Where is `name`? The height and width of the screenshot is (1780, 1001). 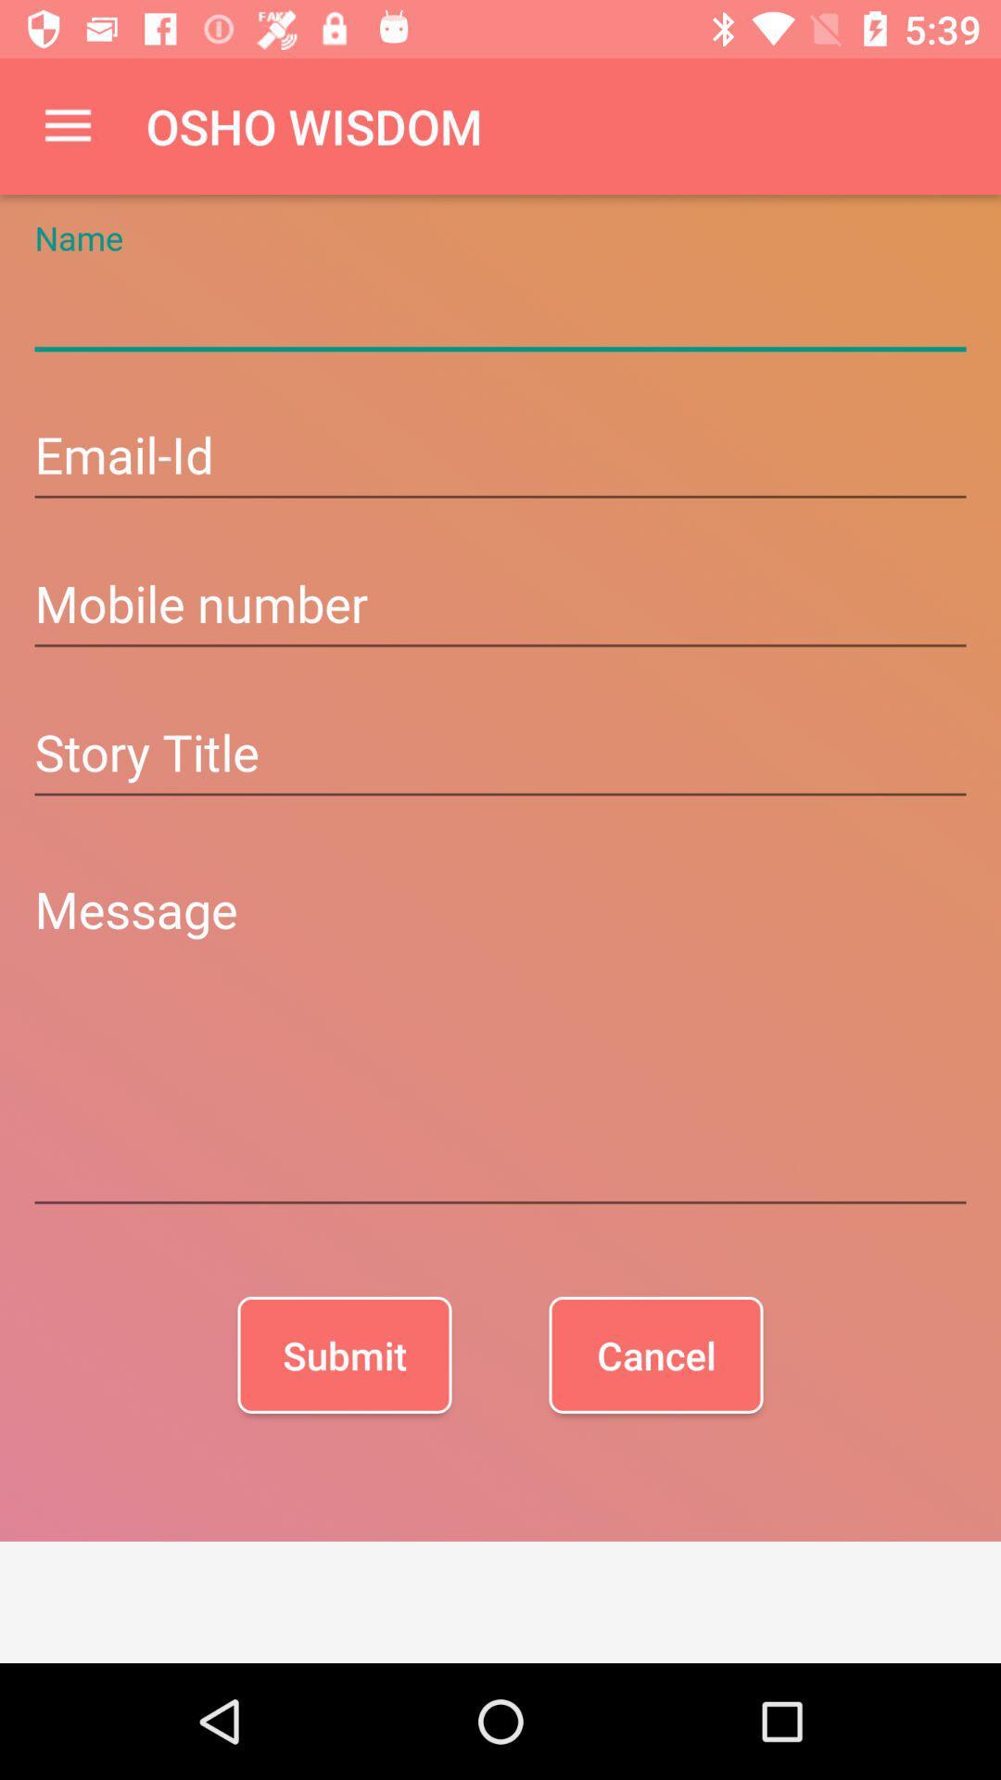 name is located at coordinates (500, 309).